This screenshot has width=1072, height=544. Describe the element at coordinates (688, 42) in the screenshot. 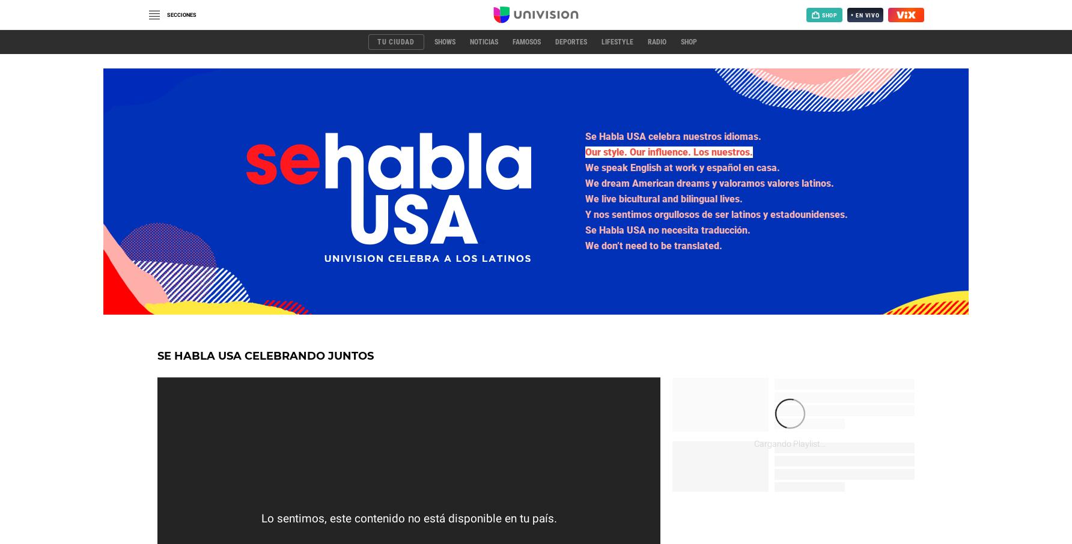

I see `'Shop'` at that location.